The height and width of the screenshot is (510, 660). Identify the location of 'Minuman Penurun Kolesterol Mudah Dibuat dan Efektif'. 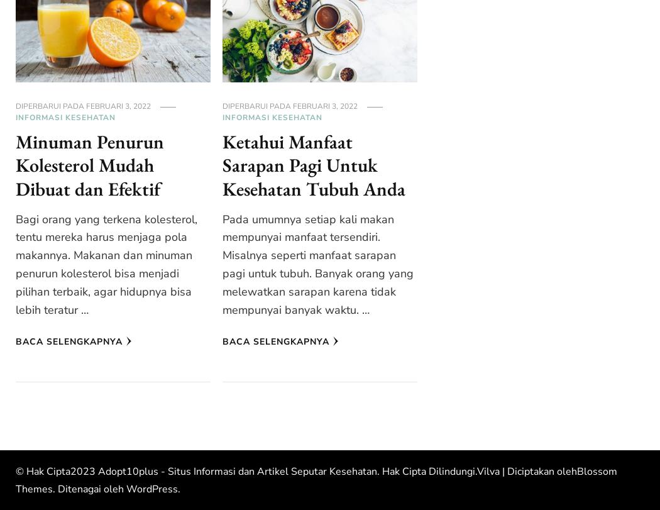
(89, 165).